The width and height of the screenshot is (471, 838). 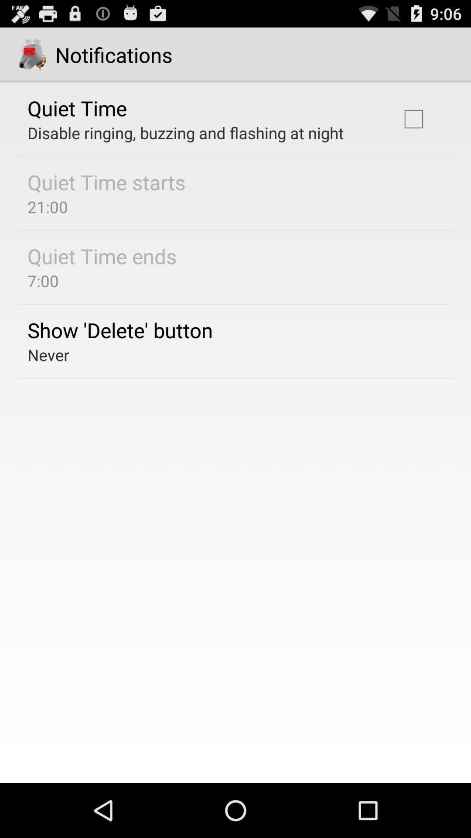 What do you see at coordinates (413, 119) in the screenshot?
I see `the icon to the right of the disable ringing buzzing item` at bounding box center [413, 119].